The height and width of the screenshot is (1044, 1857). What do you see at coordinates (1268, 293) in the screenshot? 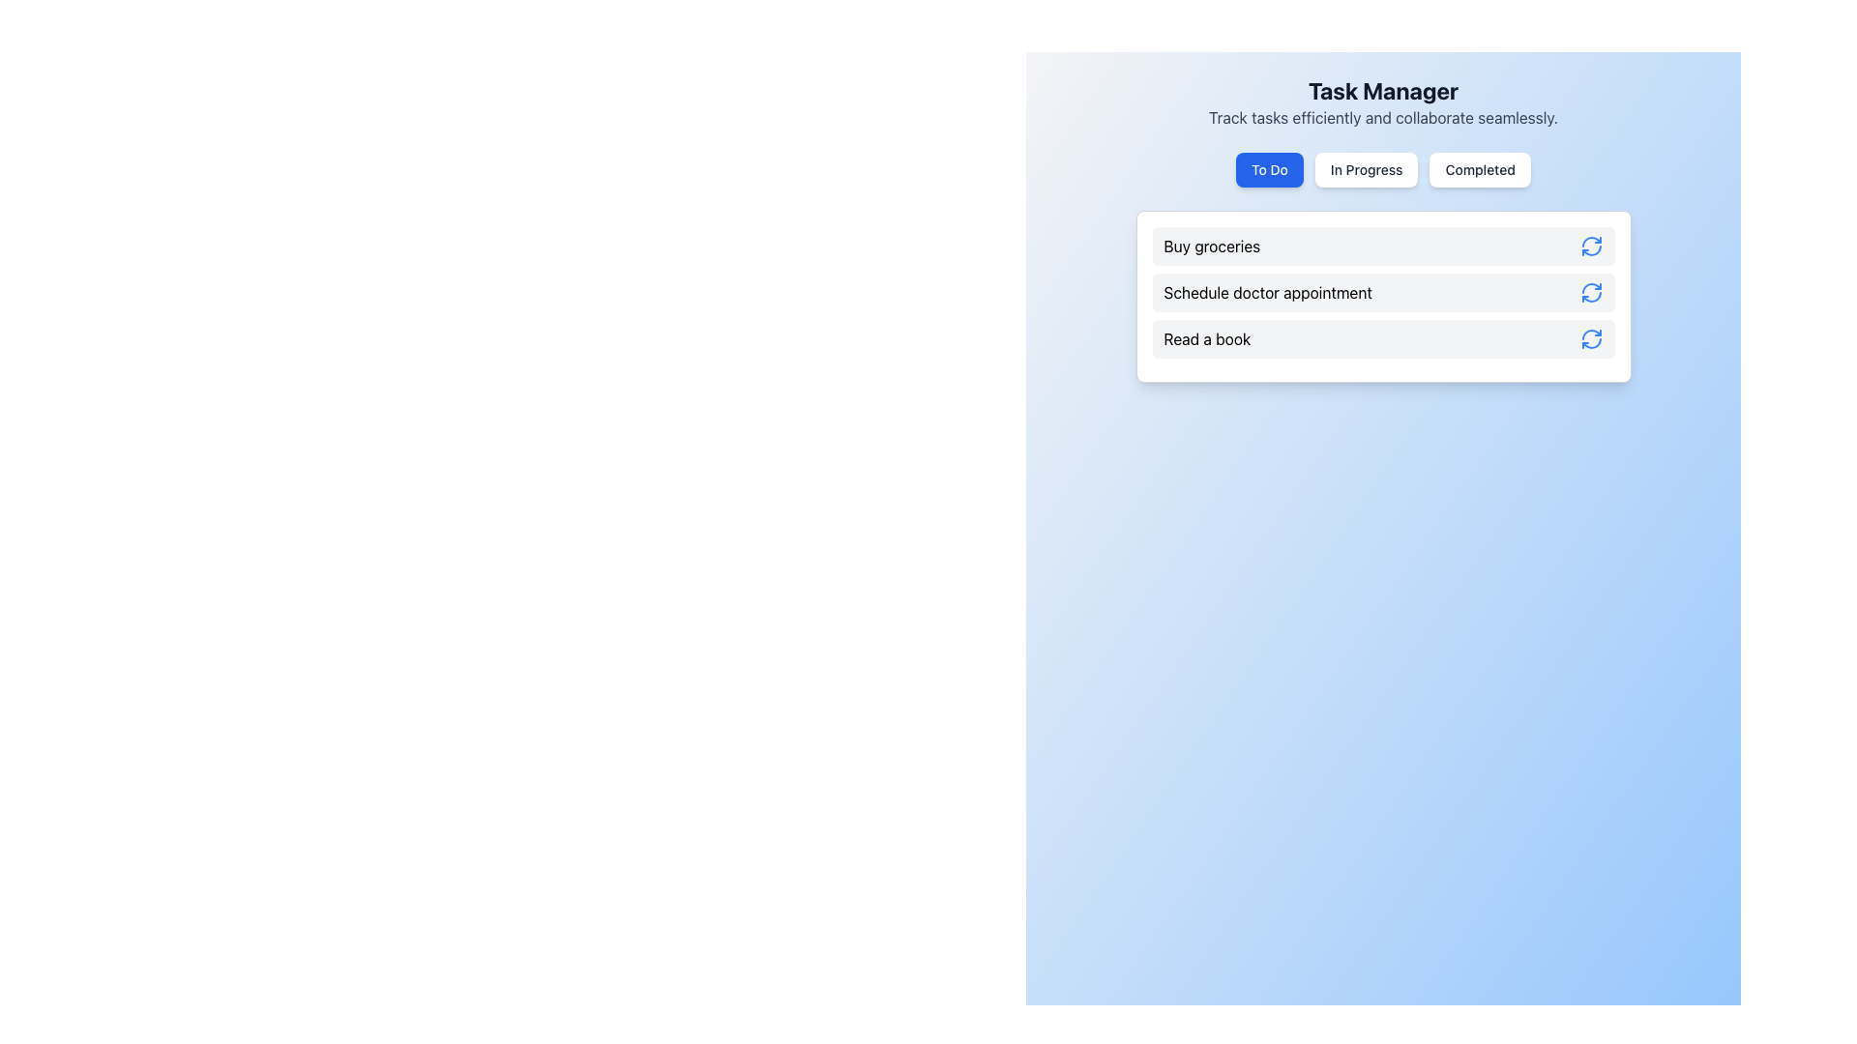
I see `the static text element that signifies the task titled 'Schedule doctor appointment', which is the second item in a vertical list on a light blue background` at bounding box center [1268, 293].